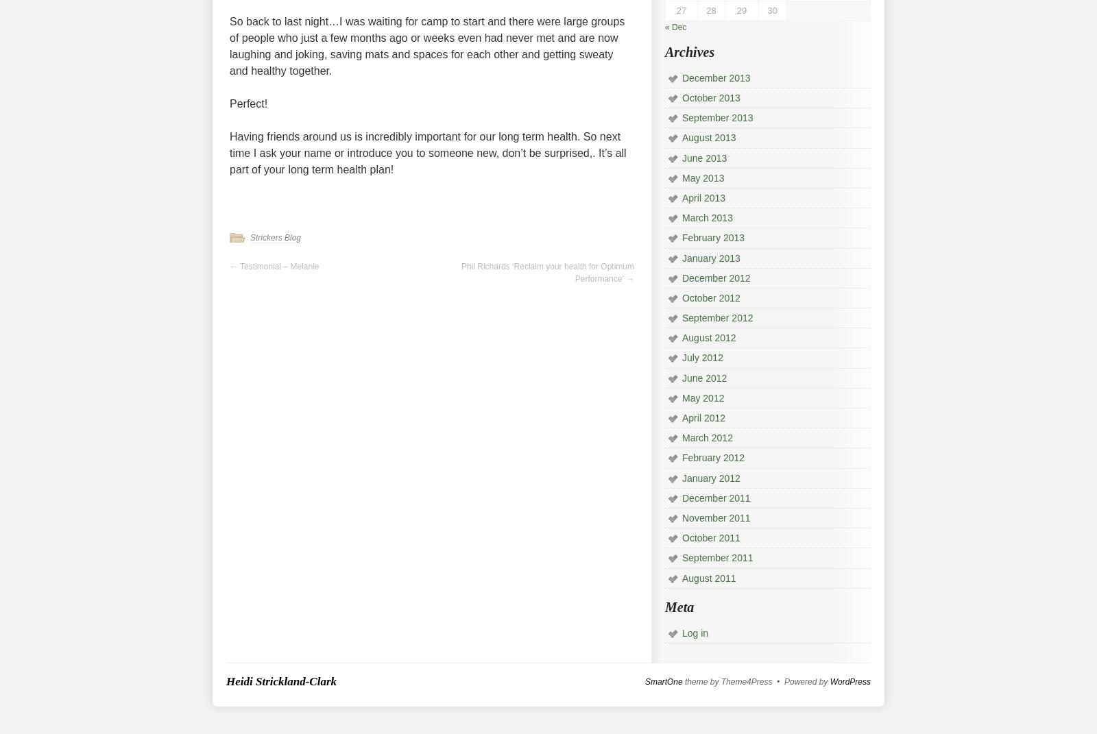 The height and width of the screenshot is (734, 1097). I want to click on 'Strickers Blog', so click(250, 237).